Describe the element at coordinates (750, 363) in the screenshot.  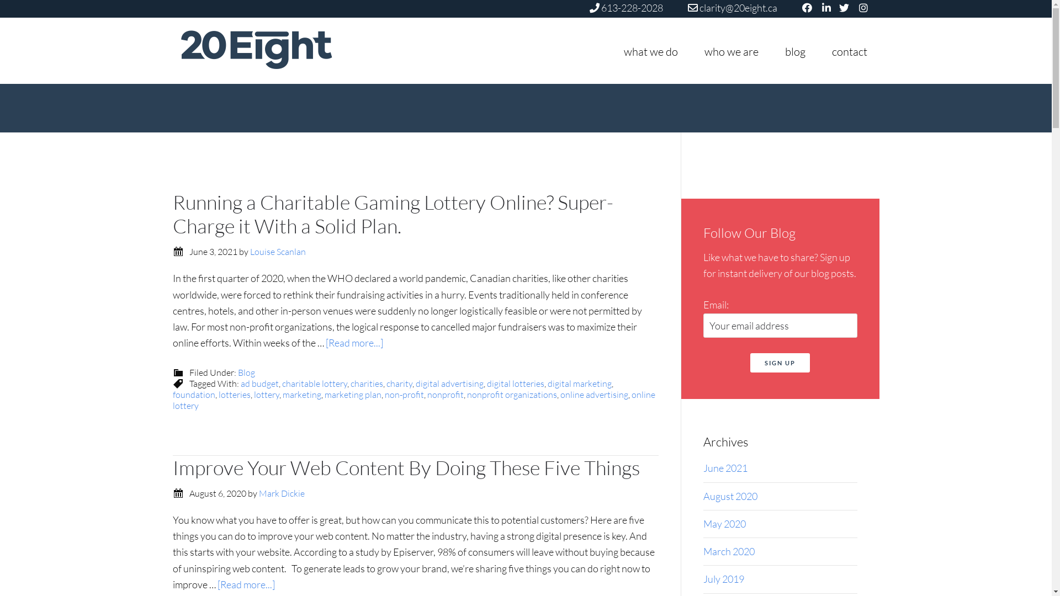
I see `'Sign up'` at that location.